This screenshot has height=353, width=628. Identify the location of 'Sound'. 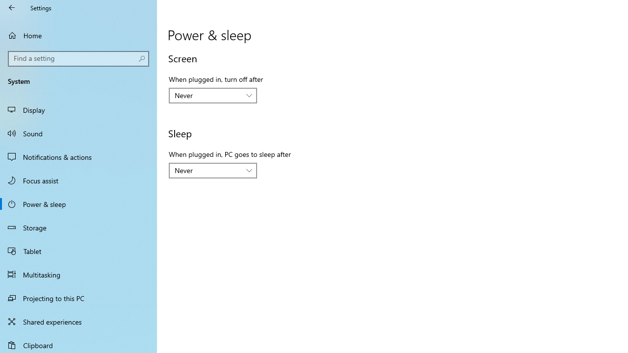
(78, 133).